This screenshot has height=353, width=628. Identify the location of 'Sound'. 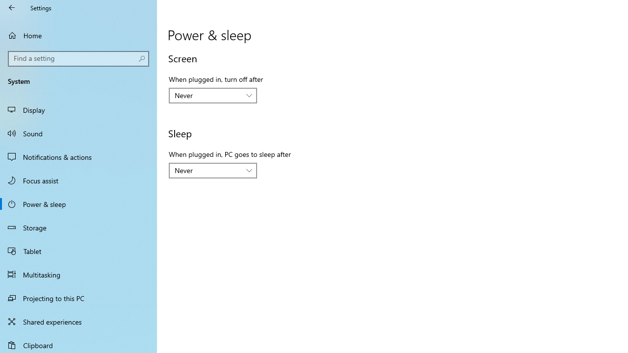
(78, 133).